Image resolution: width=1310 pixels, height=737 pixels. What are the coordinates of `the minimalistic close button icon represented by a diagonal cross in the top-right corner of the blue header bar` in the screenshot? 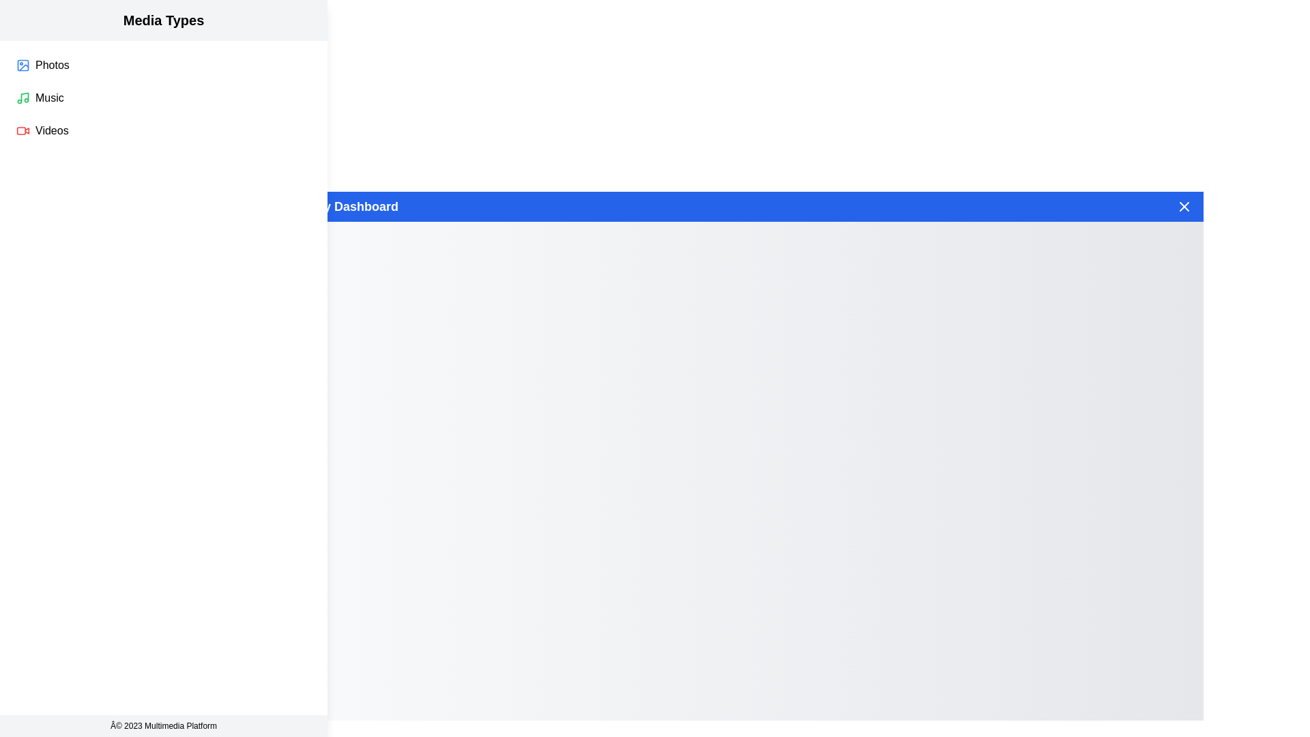 It's located at (1184, 207).